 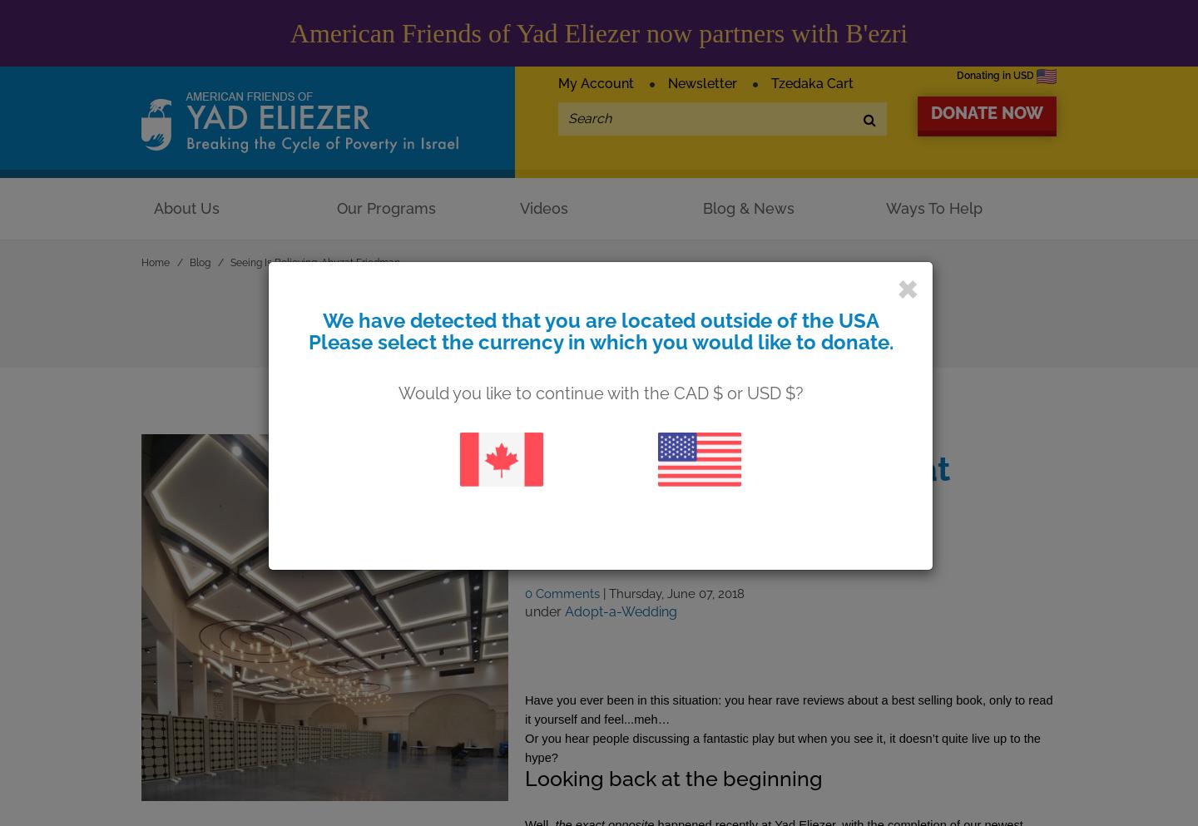 I want to click on 'Have you ever been in this situation: you hear rave reviews about a best selling book, only to read it yourself and feel...meh…', so click(x=788, y=709).